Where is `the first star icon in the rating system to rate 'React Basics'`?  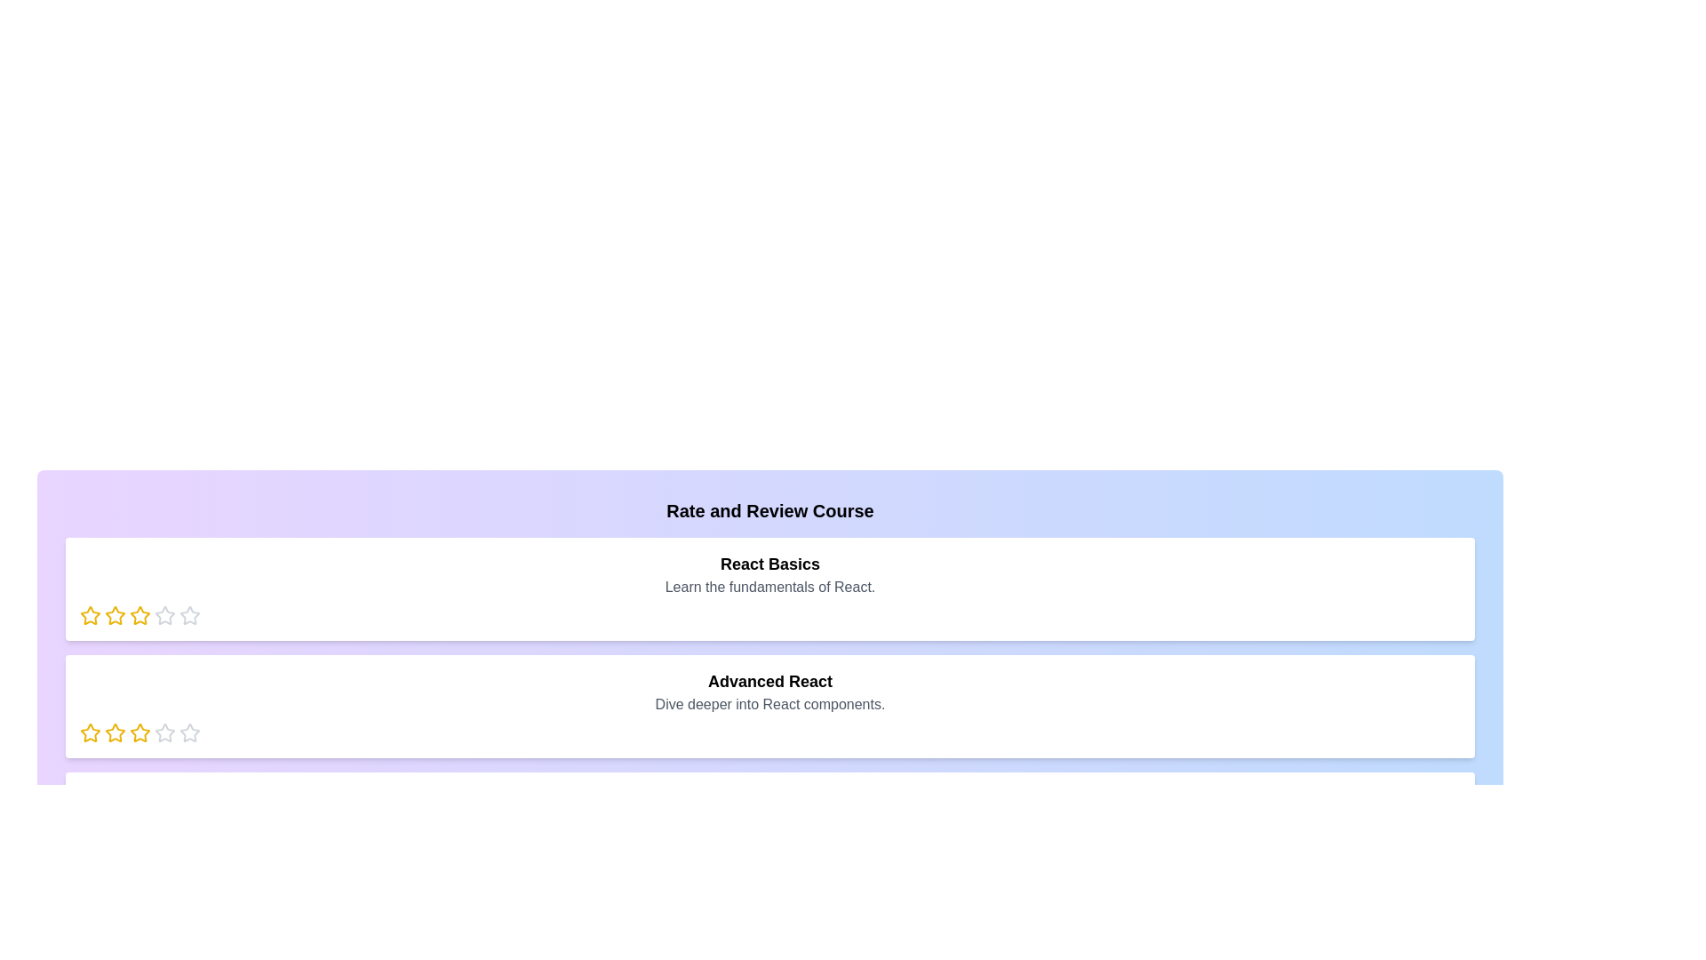 the first star icon in the rating system to rate 'React Basics' is located at coordinates (89, 615).